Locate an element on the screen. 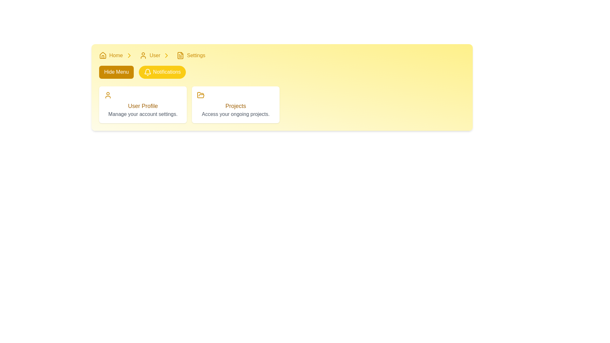  the home page icon in the breadcrumb navigation bar to trigger the tooltip, which provides additional information about the home page is located at coordinates (103, 55).